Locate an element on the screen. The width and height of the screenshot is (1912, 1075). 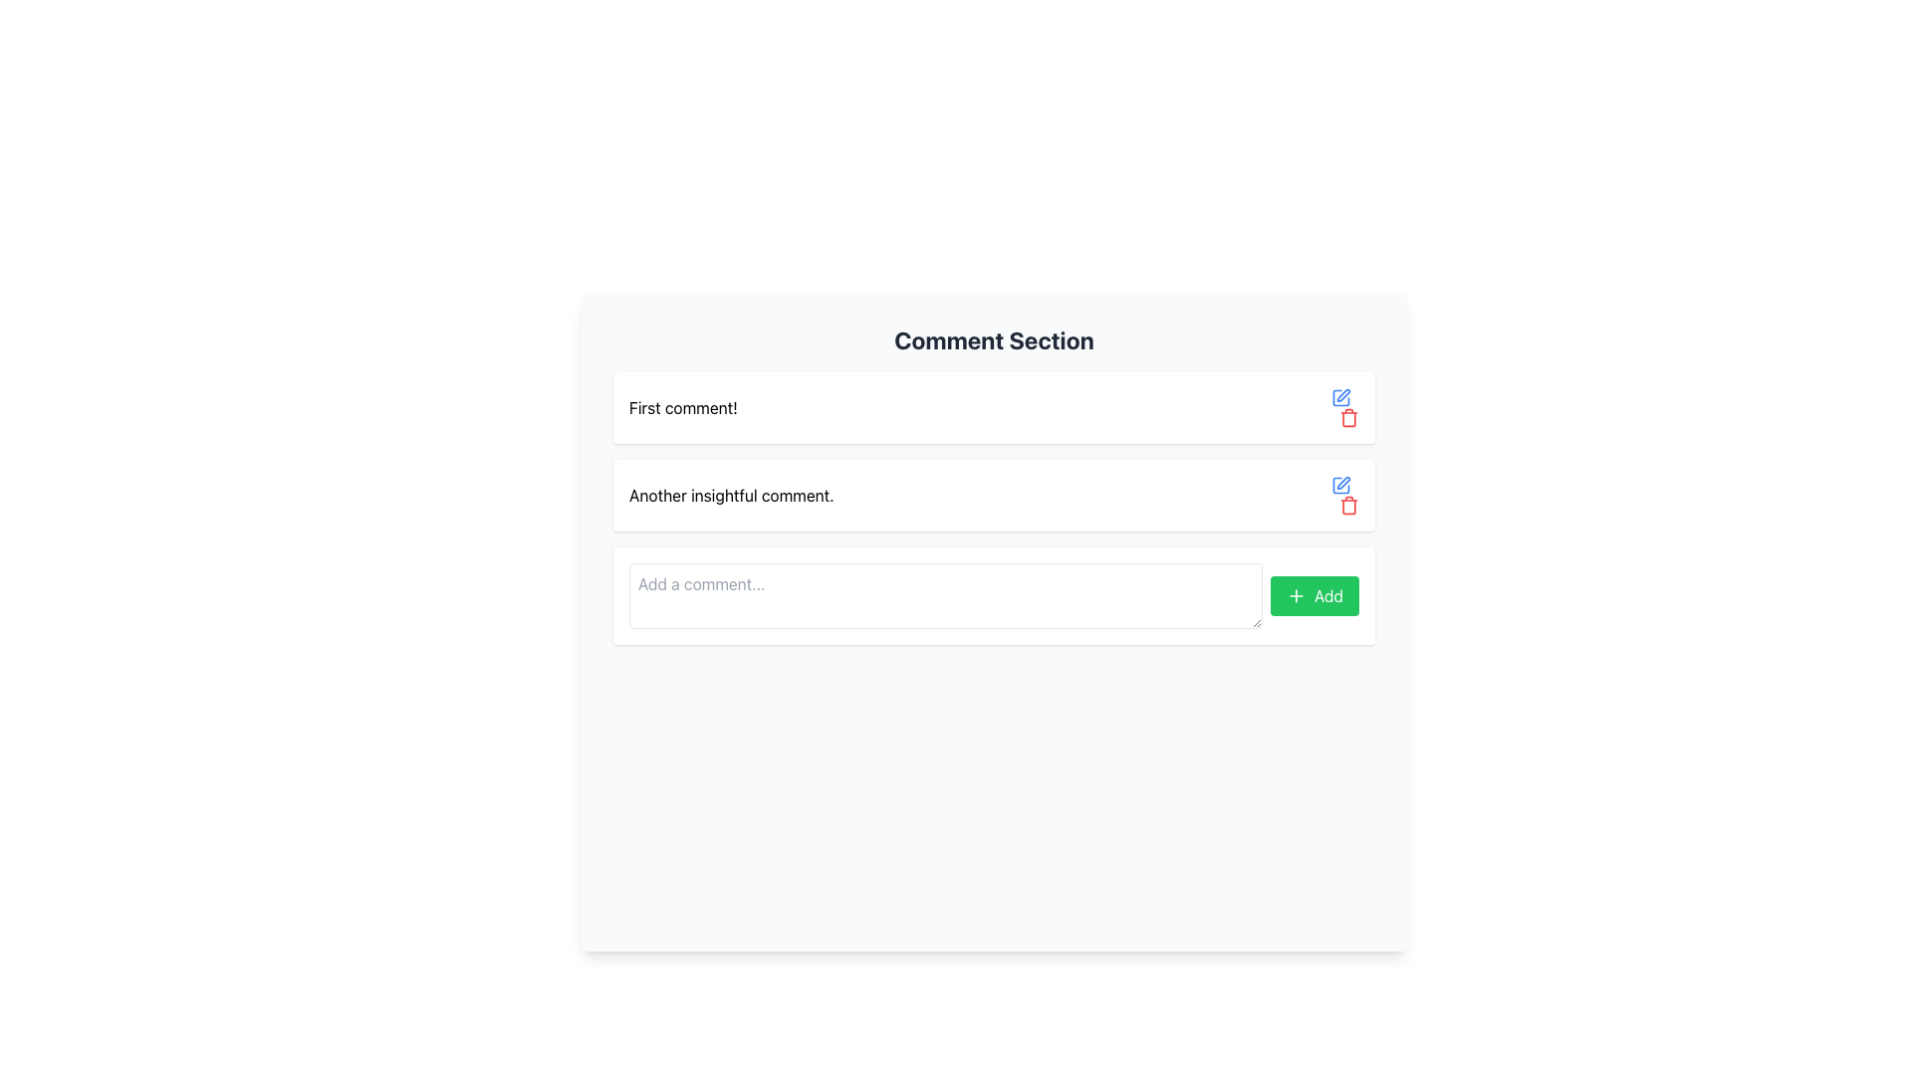
the blue pen icon used for edit actions located to the right of the first comment in the comment section is located at coordinates (1343, 483).